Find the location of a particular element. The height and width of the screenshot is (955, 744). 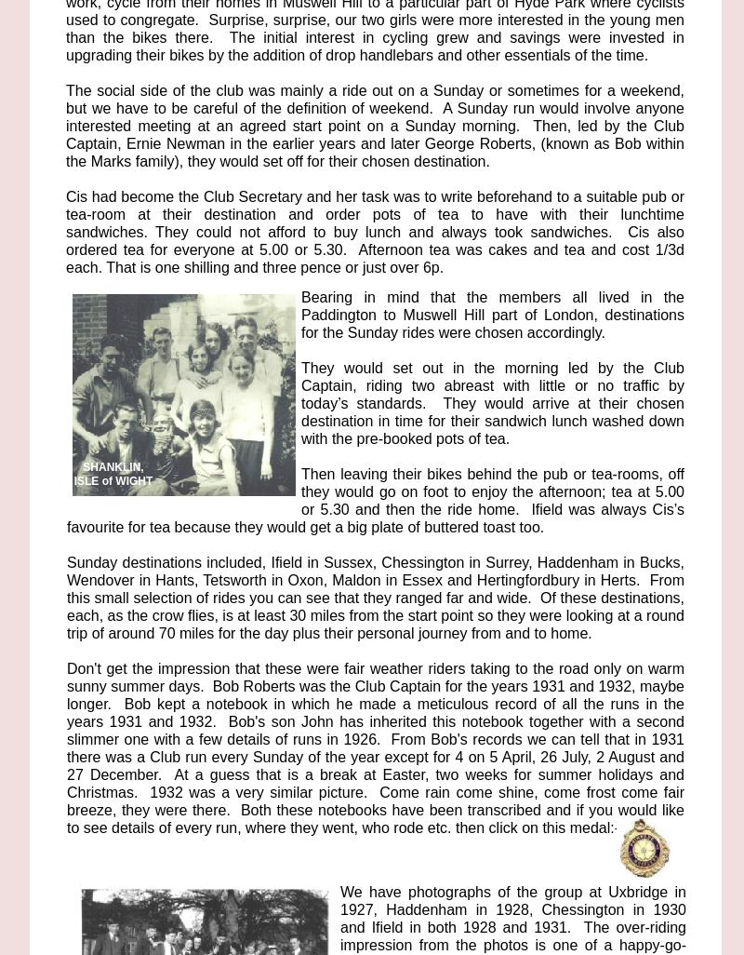

'Bearing in mind that the members all lived in the Paddington to Muswell Hill part of London, destinations for the Sunday rides were chosen accordingly.' is located at coordinates (300, 315).